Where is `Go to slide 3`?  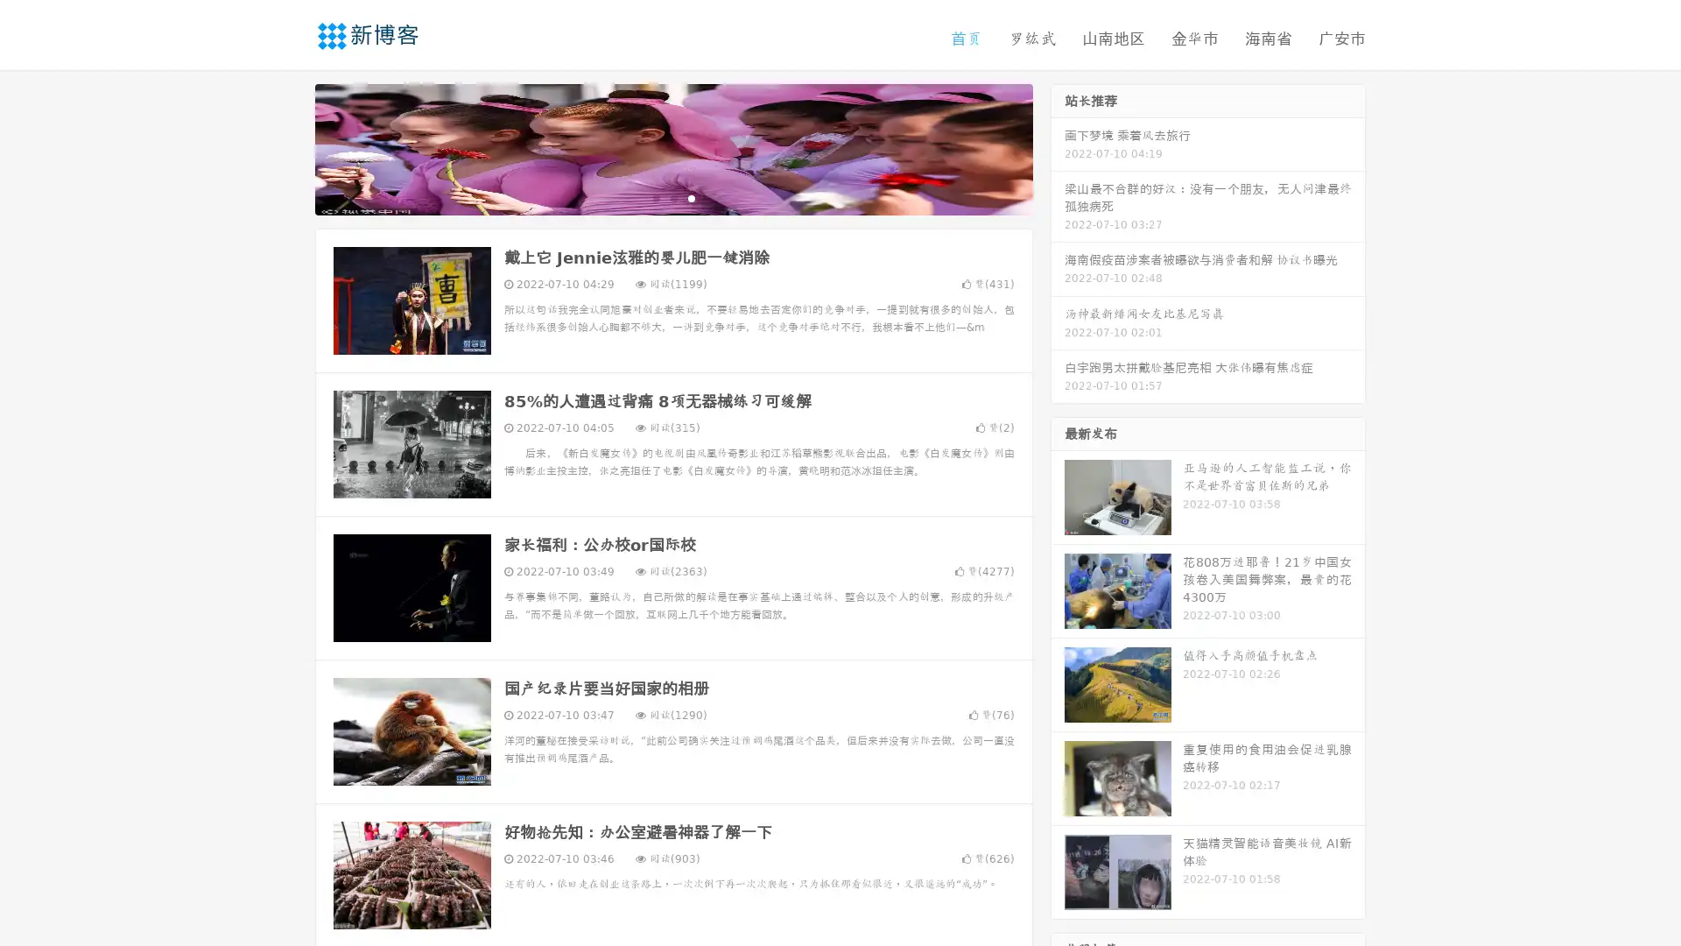 Go to slide 3 is located at coordinates (691, 197).